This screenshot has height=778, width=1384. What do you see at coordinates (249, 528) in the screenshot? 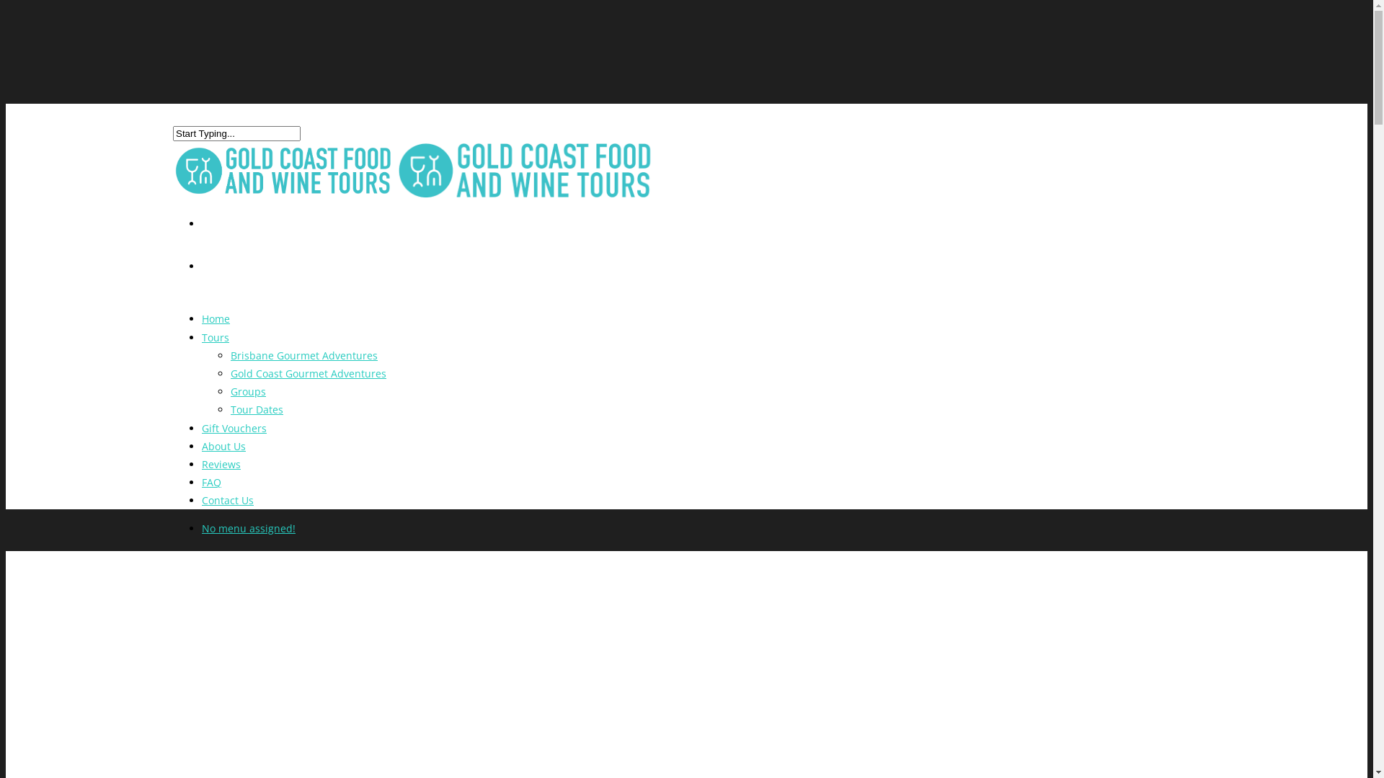
I see `'No menu assigned!'` at bounding box center [249, 528].